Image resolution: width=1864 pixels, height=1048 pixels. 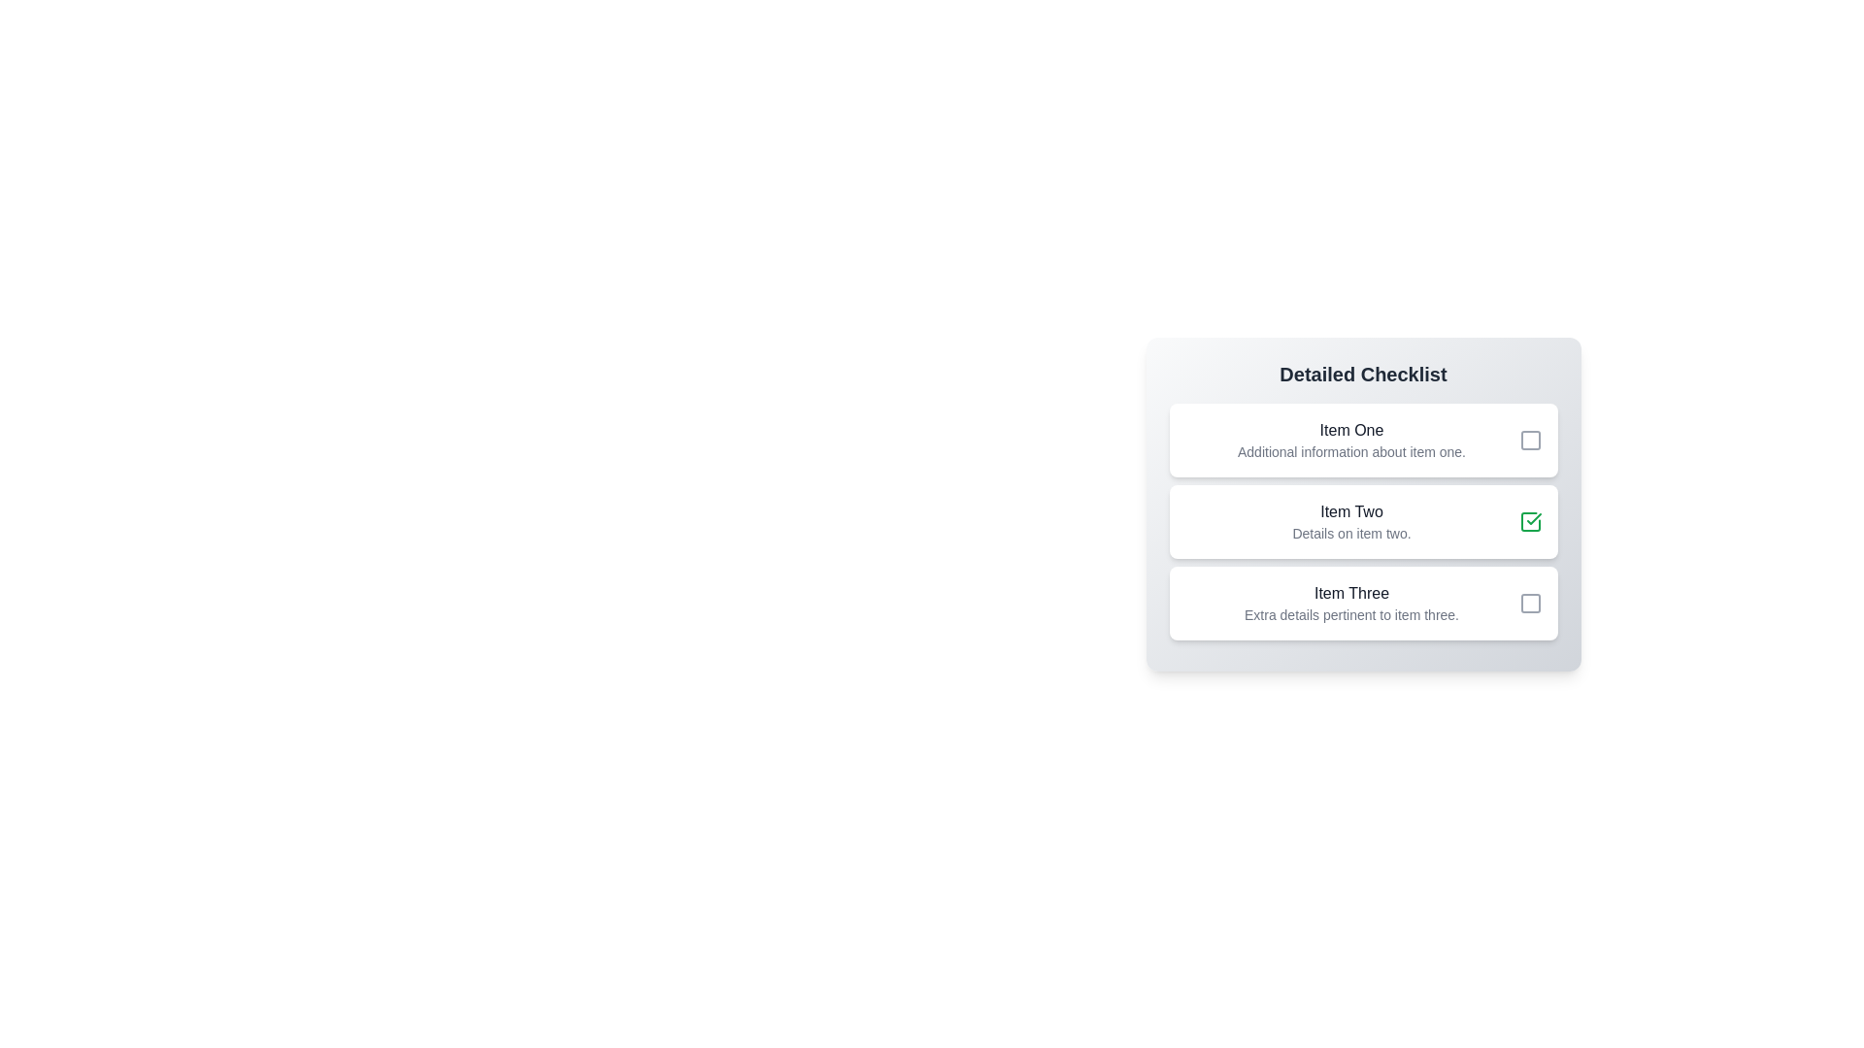 I want to click on the 'Item Three' text label, which is a medium font weight gray-black label at the top of the third item in the 'Detailed Checklist' panel, so click(x=1350, y=593).